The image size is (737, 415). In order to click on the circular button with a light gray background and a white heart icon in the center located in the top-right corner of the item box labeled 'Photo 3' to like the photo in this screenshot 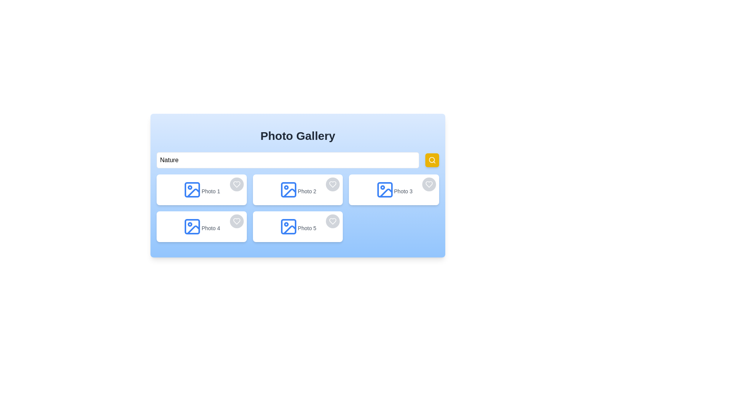, I will do `click(429, 184)`.